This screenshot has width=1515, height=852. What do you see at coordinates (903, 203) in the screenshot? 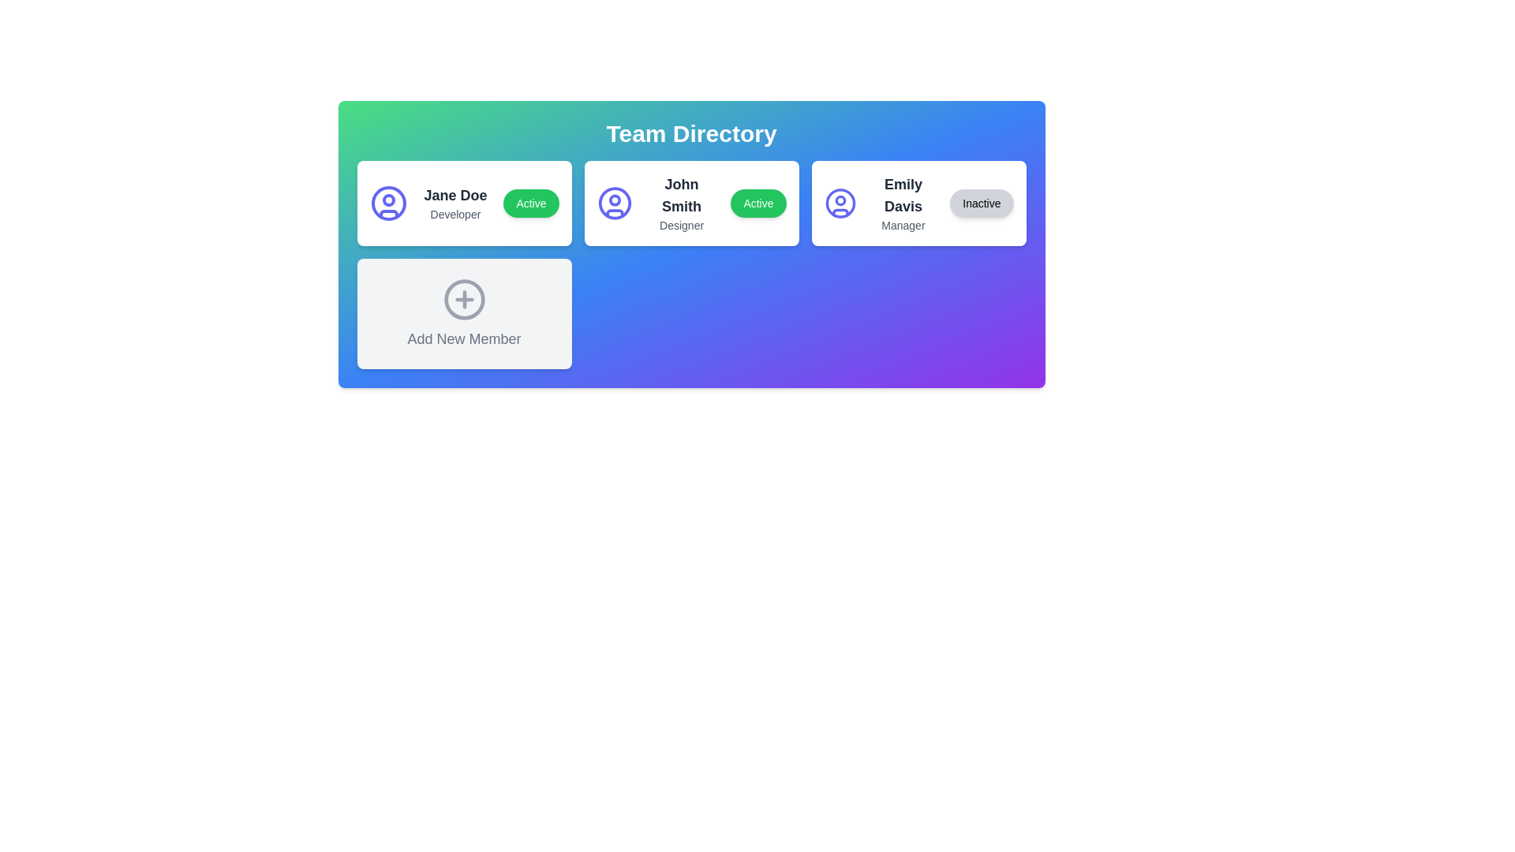
I see `the 'Emily Davis' text display element in the 'Team Directory' section, which shows 'Manager' below it and is positioned on the right side of the second row` at bounding box center [903, 203].